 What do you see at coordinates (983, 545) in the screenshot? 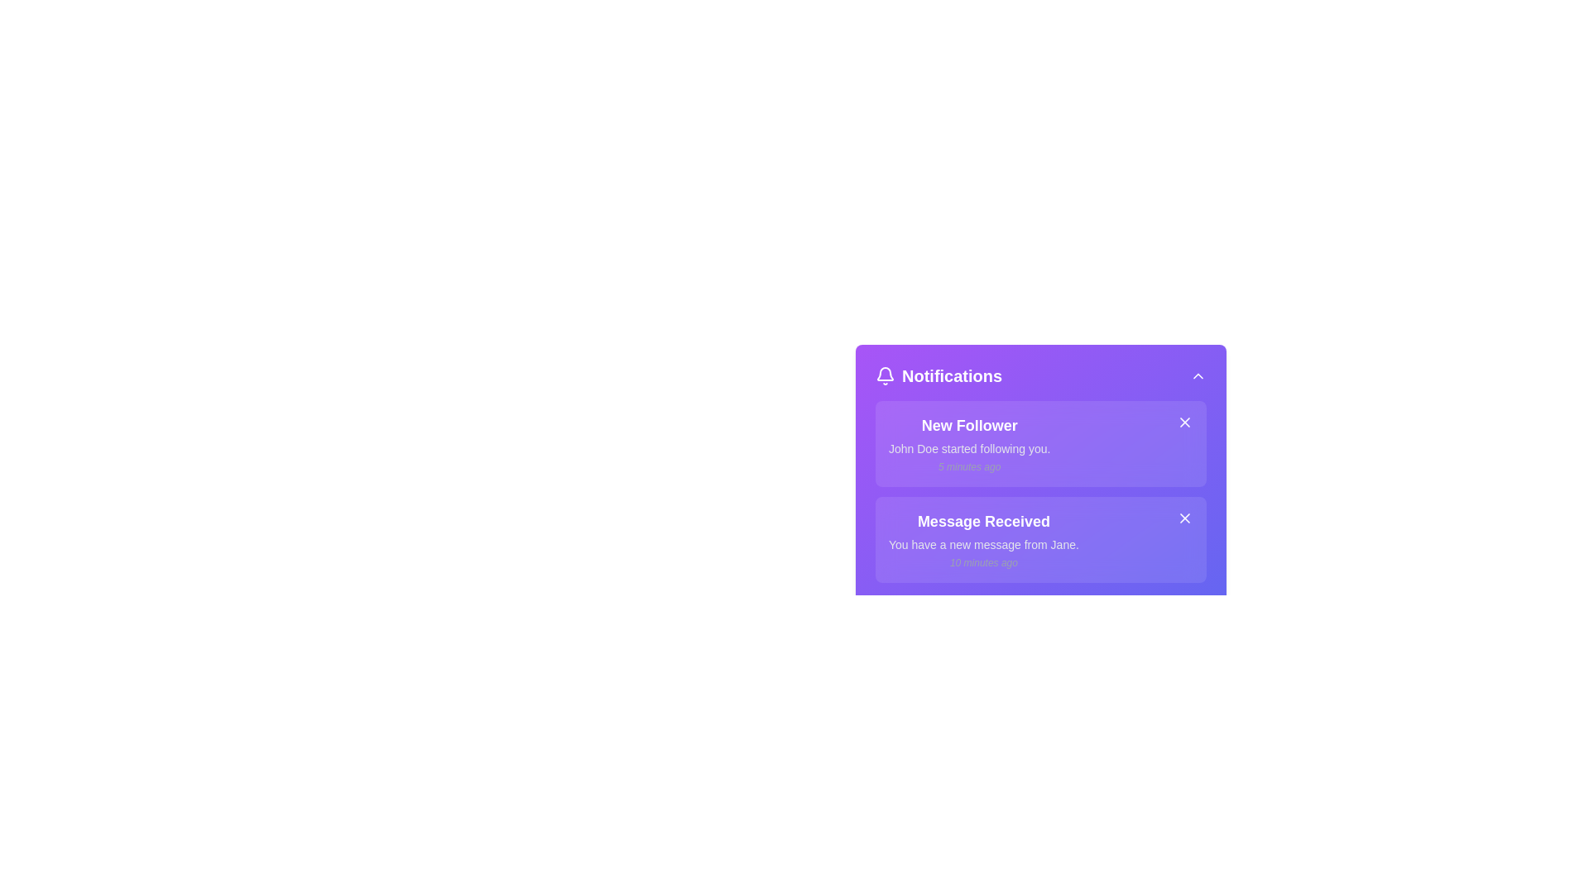
I see `message displayed in the static text of the notification card titled 'Message Received', which is located directly below the title and above the timestamp` at bounding box center [983, 545].